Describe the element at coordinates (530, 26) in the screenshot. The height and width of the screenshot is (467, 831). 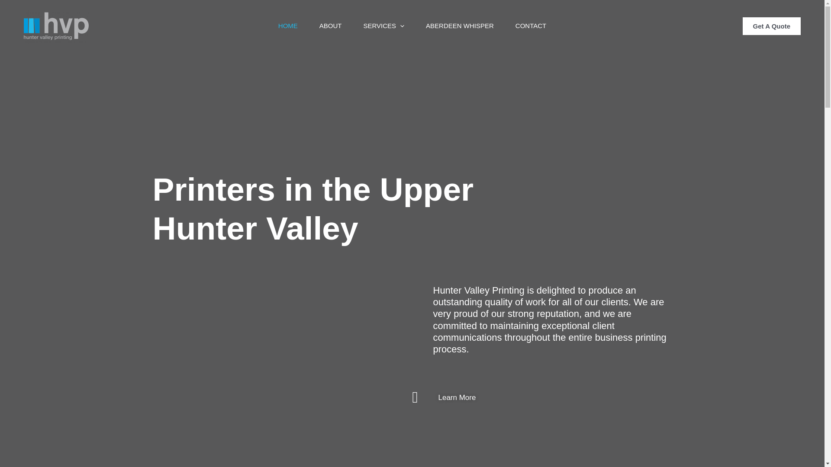
I see `'CONTACT'` at that location.